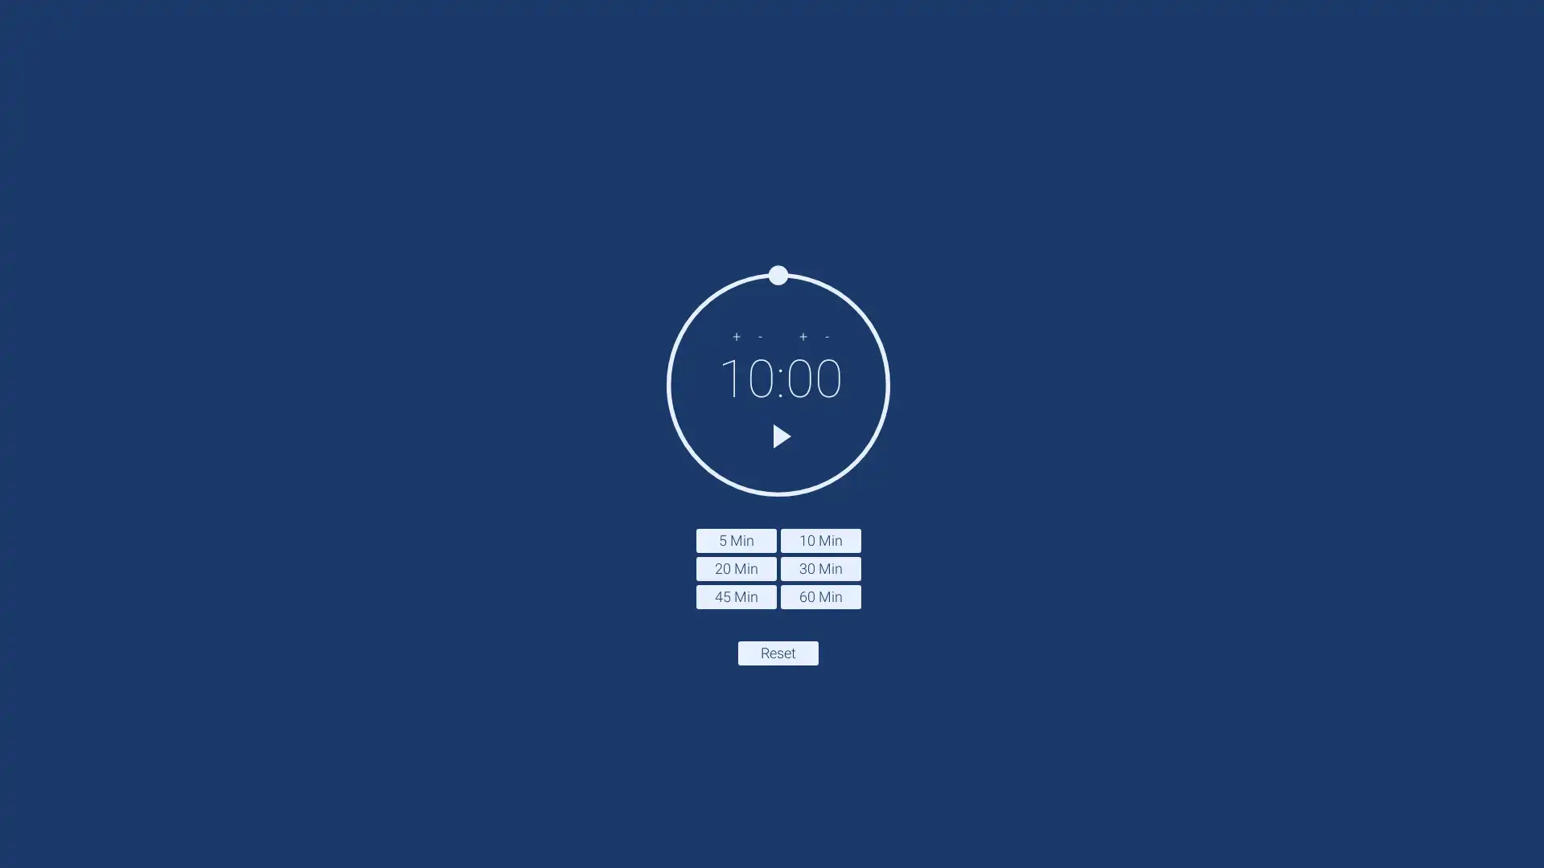 The image size is (1544, 868). Describe the element at coordinates (819, 567) in the screenshot. I see `30 Min` at that location.